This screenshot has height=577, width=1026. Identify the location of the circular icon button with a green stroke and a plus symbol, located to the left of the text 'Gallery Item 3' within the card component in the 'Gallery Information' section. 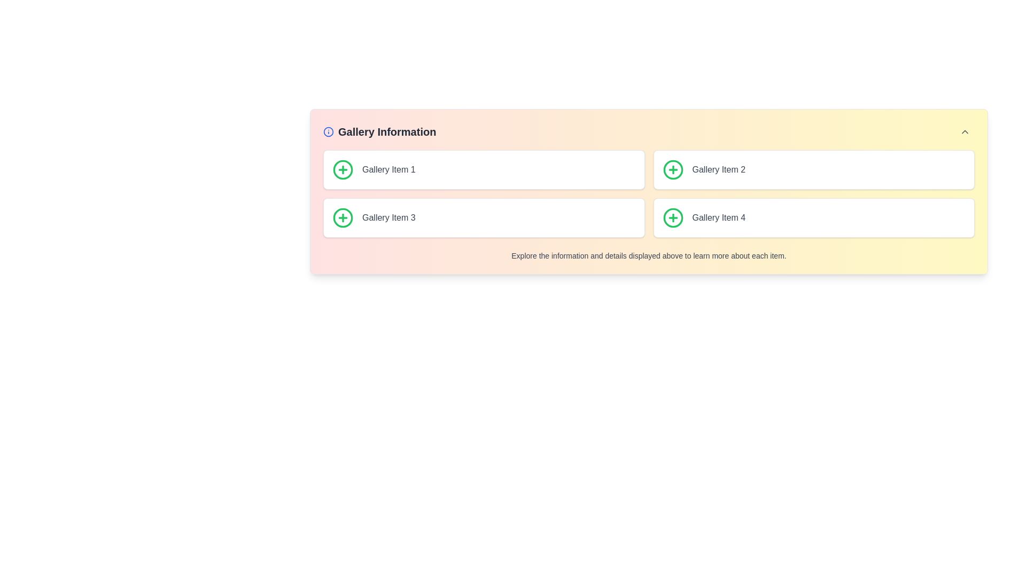
(343, 217).